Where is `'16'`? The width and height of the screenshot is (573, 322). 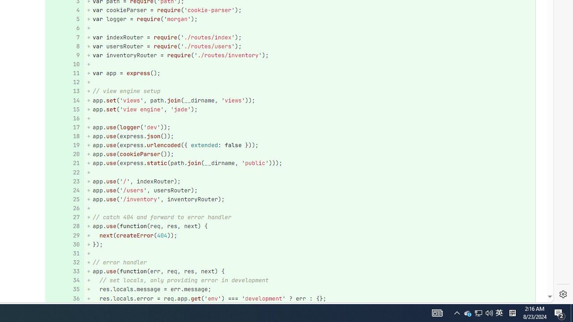
'16' is located at coordinates (63, 118).